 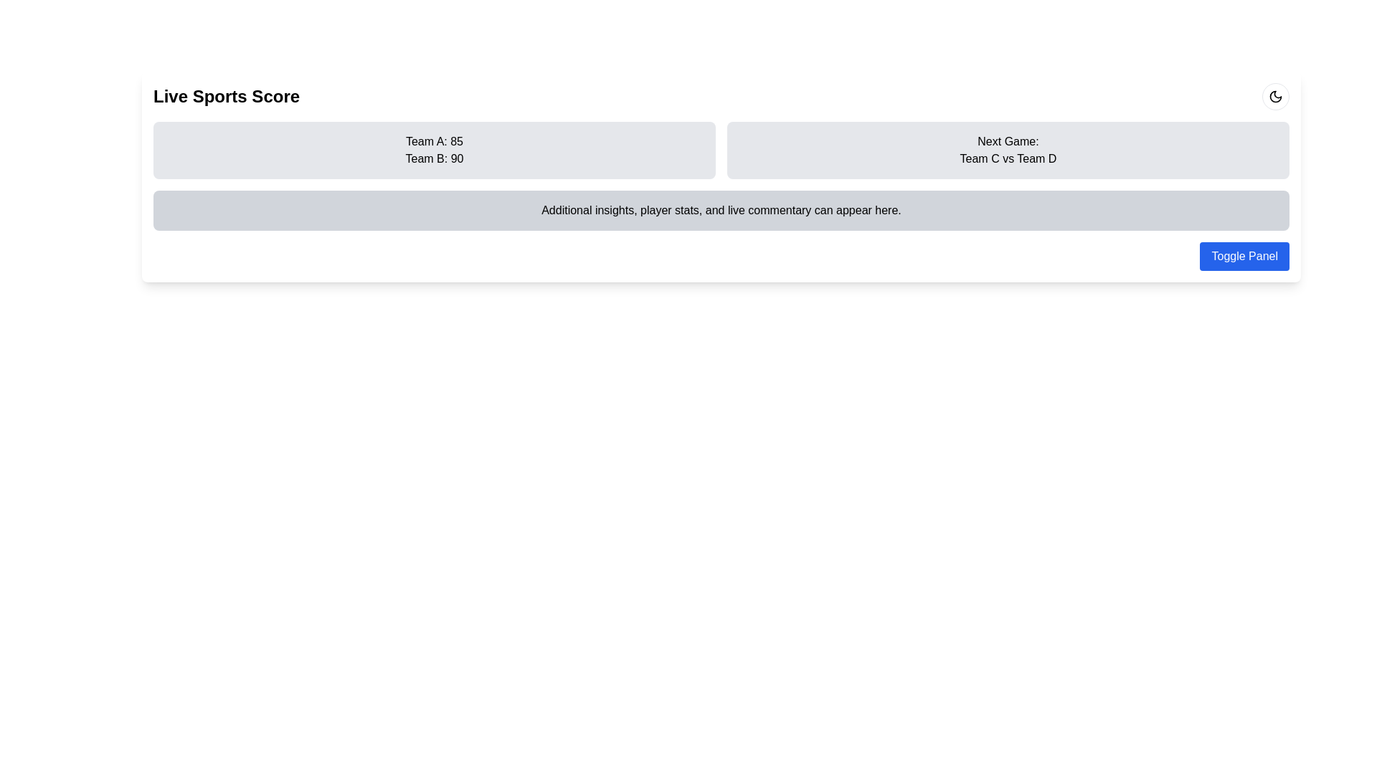 I want to click on the toggle button for dark and light mode located at the top-right corner of the 'Live Sports Score' section, next to the title text, so click(x=1276, y=97).